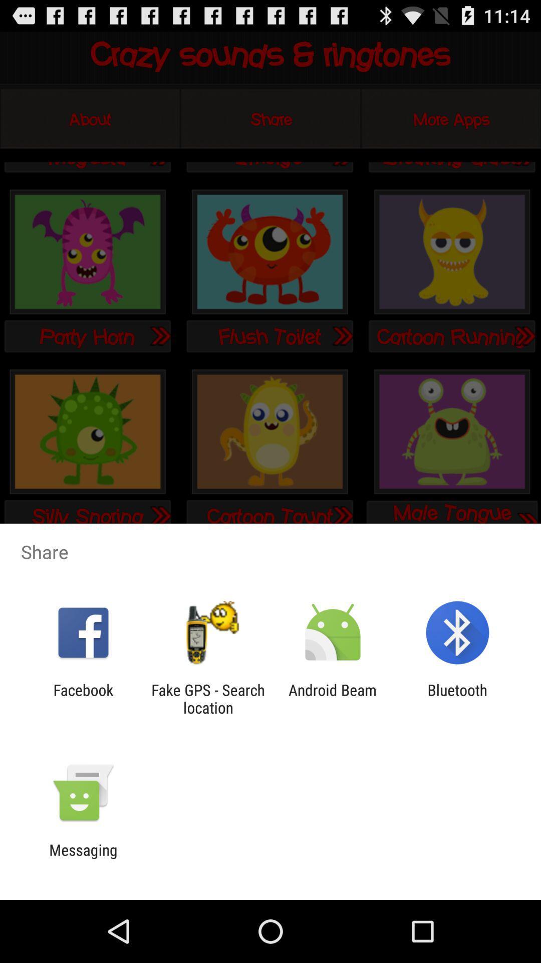 The width and height of the screenshot is (541, 963). Describe the element at coordinates (457, 698) in the screenshot. I see `item next to android beam icon` at that location.